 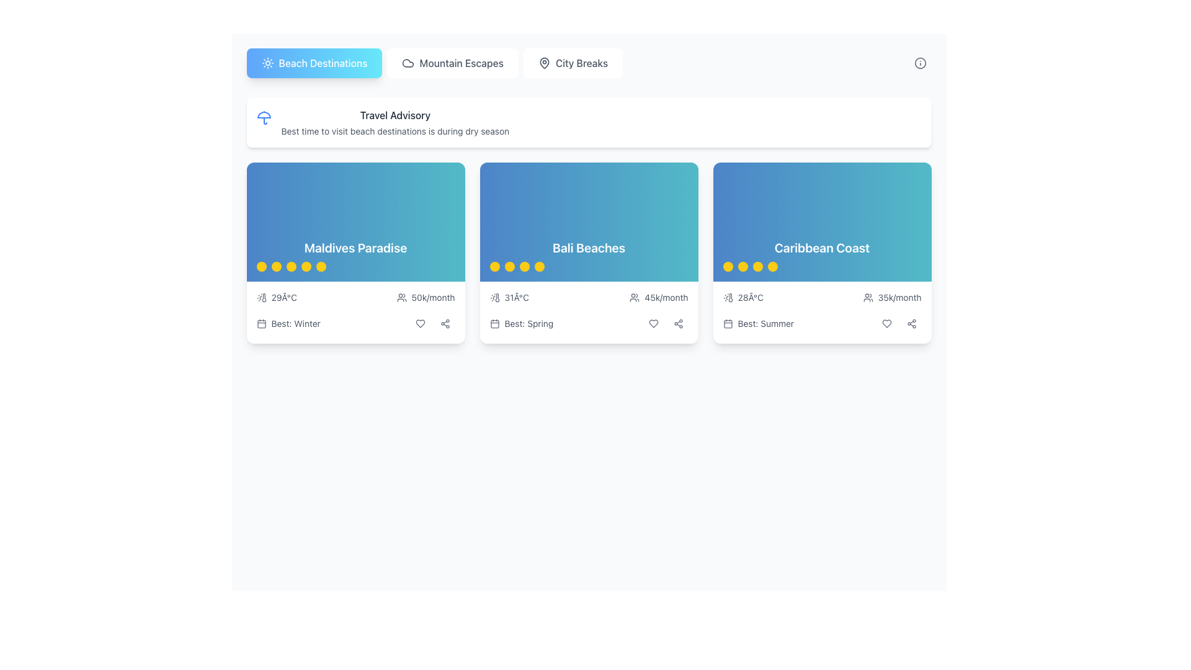 What do you see at coordinates (920, 63) in the screenshot?
I see `the information button located in the top-right corner of the interface` at bounding box center [920, 63].